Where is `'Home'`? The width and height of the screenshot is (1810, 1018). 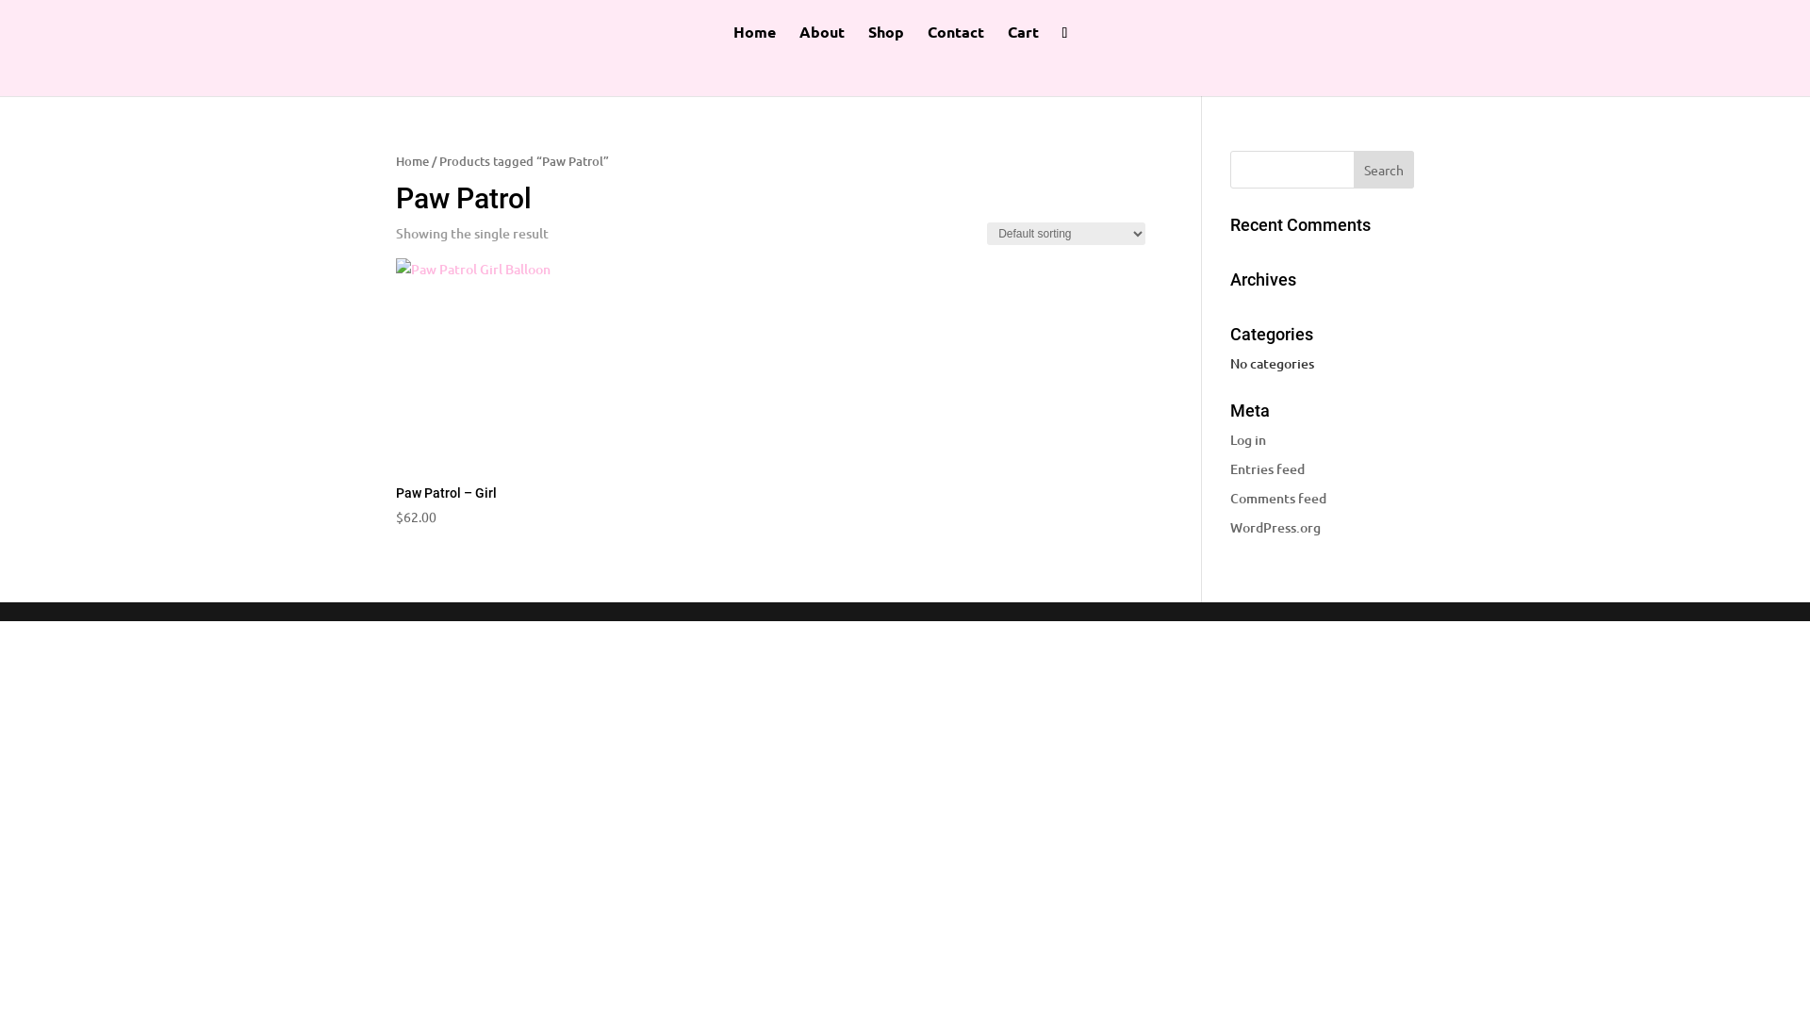
'Home' is located at coordinates (754, 42).